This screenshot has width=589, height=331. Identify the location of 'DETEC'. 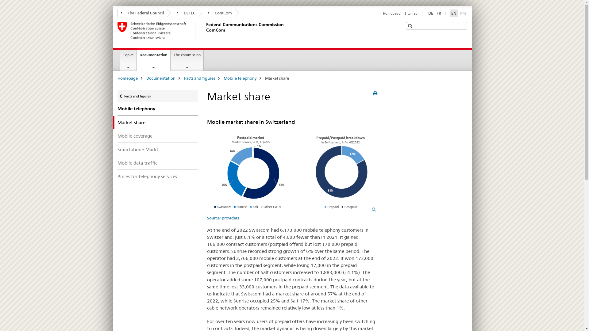
(182, 13).